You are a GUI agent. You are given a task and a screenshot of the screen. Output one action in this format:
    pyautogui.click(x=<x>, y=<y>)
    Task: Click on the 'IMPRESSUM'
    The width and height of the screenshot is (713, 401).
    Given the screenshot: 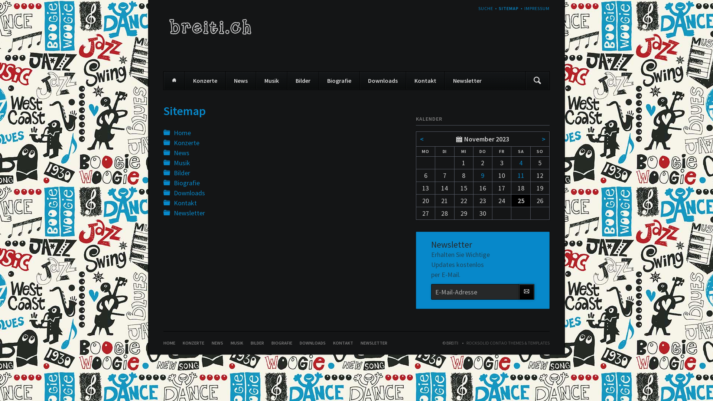 What is the action you would take?
    pyautogui.click(x=537, y=8)
    